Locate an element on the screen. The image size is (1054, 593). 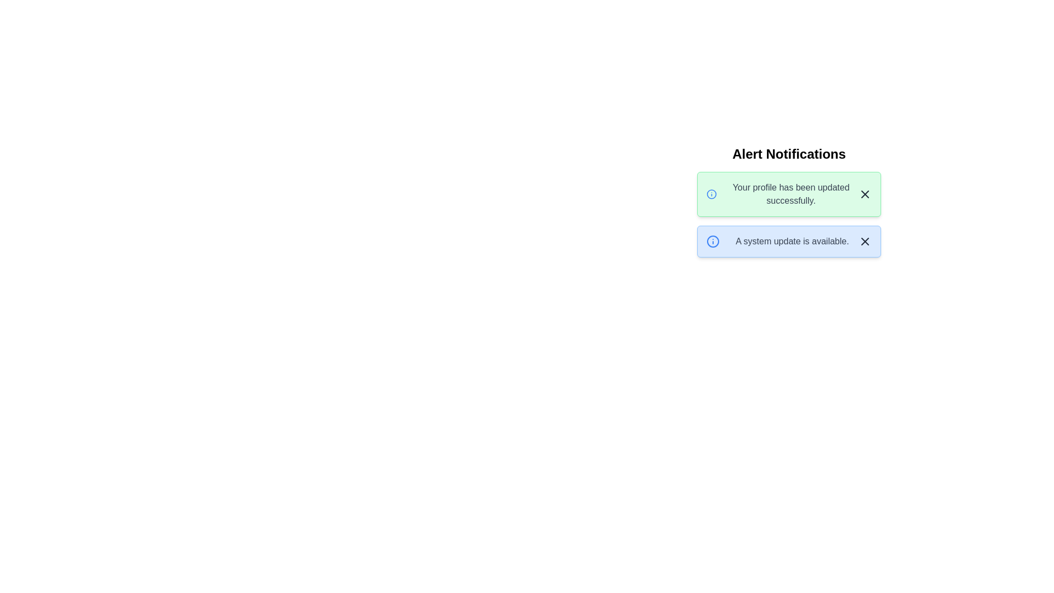
the notification alert with the message 'Your profile has been updated successfully.' is located at coordinates (788, 194).